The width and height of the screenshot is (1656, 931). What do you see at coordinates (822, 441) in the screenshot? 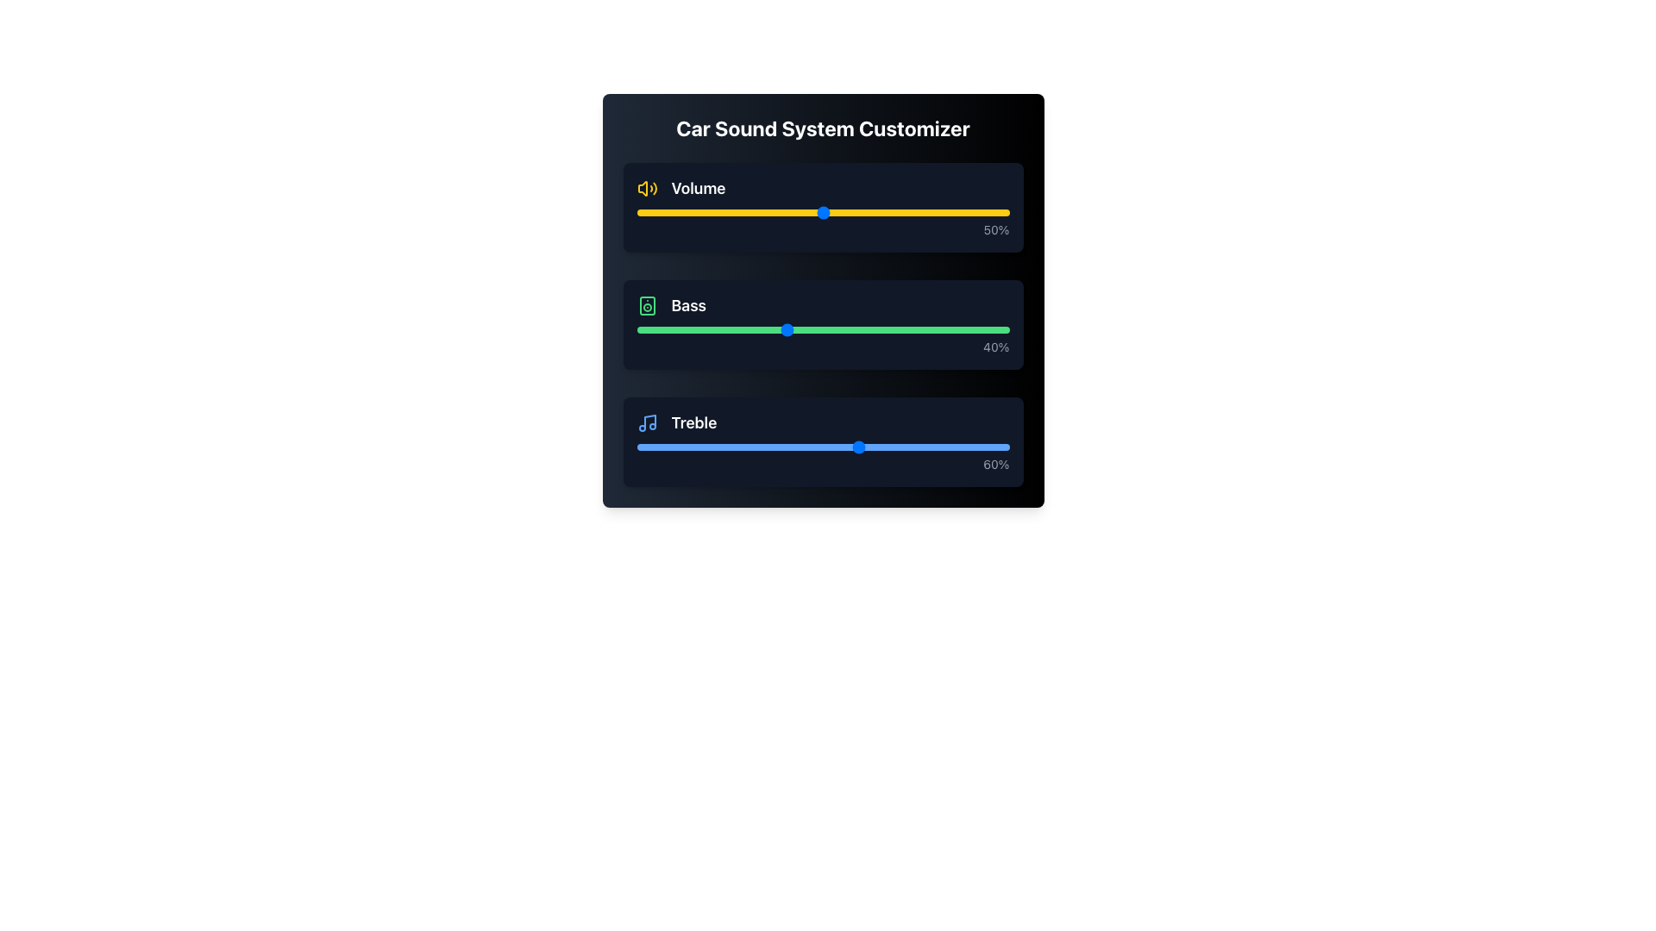
I see `the treble slider thumb` at bounding box center [822, 441].